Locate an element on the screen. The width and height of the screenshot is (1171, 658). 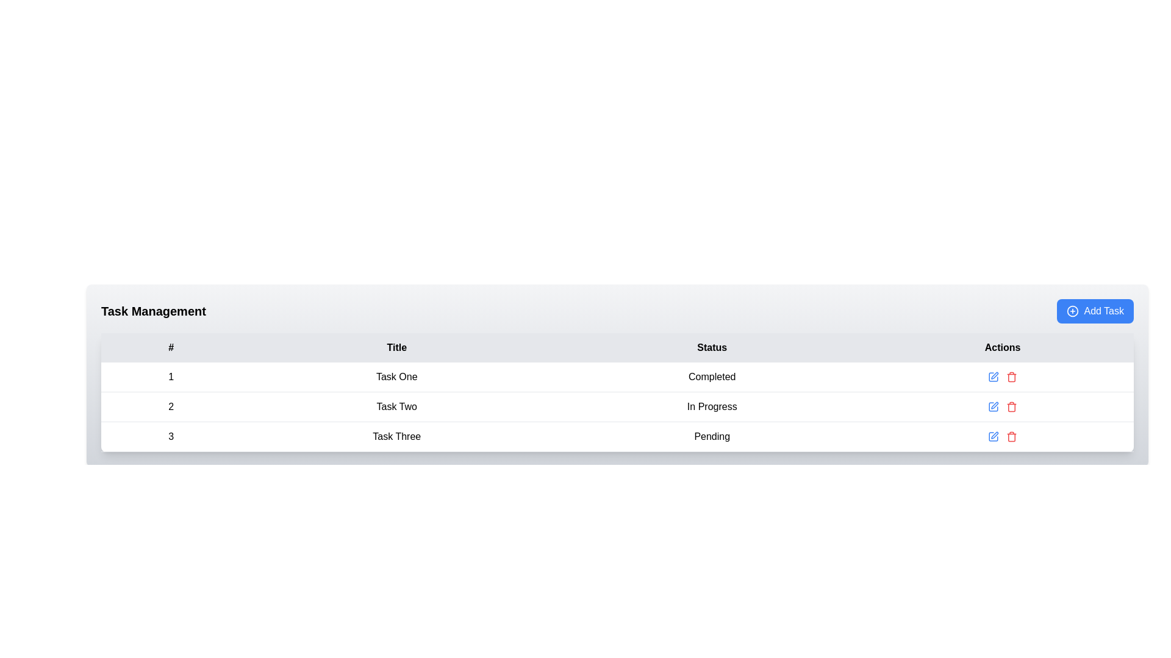
the circular icon with a plus symbol within the 'Add Task' button located at the top-right corner of the user interface is located at coordinates (1072, 310).